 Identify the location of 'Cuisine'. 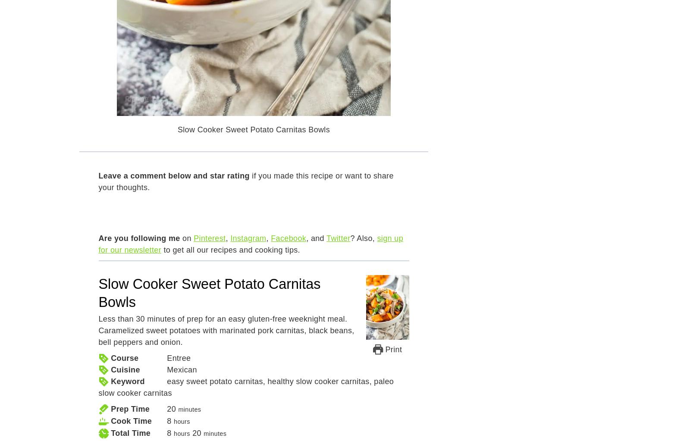
(125, 369).